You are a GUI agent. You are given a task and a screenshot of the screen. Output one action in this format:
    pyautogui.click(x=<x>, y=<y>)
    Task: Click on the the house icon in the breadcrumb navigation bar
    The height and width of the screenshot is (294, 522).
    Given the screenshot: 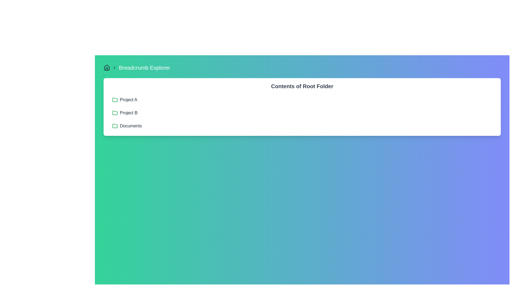 What is the action you would take?
    pyautogui.click(x=107, y=67)
    